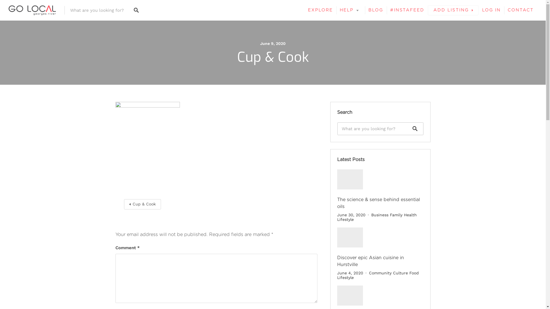 This screenshot has height=309, width=550. Describe the element at coordinates (369, 272) in the screenshot. I see `'Community'` at that location.